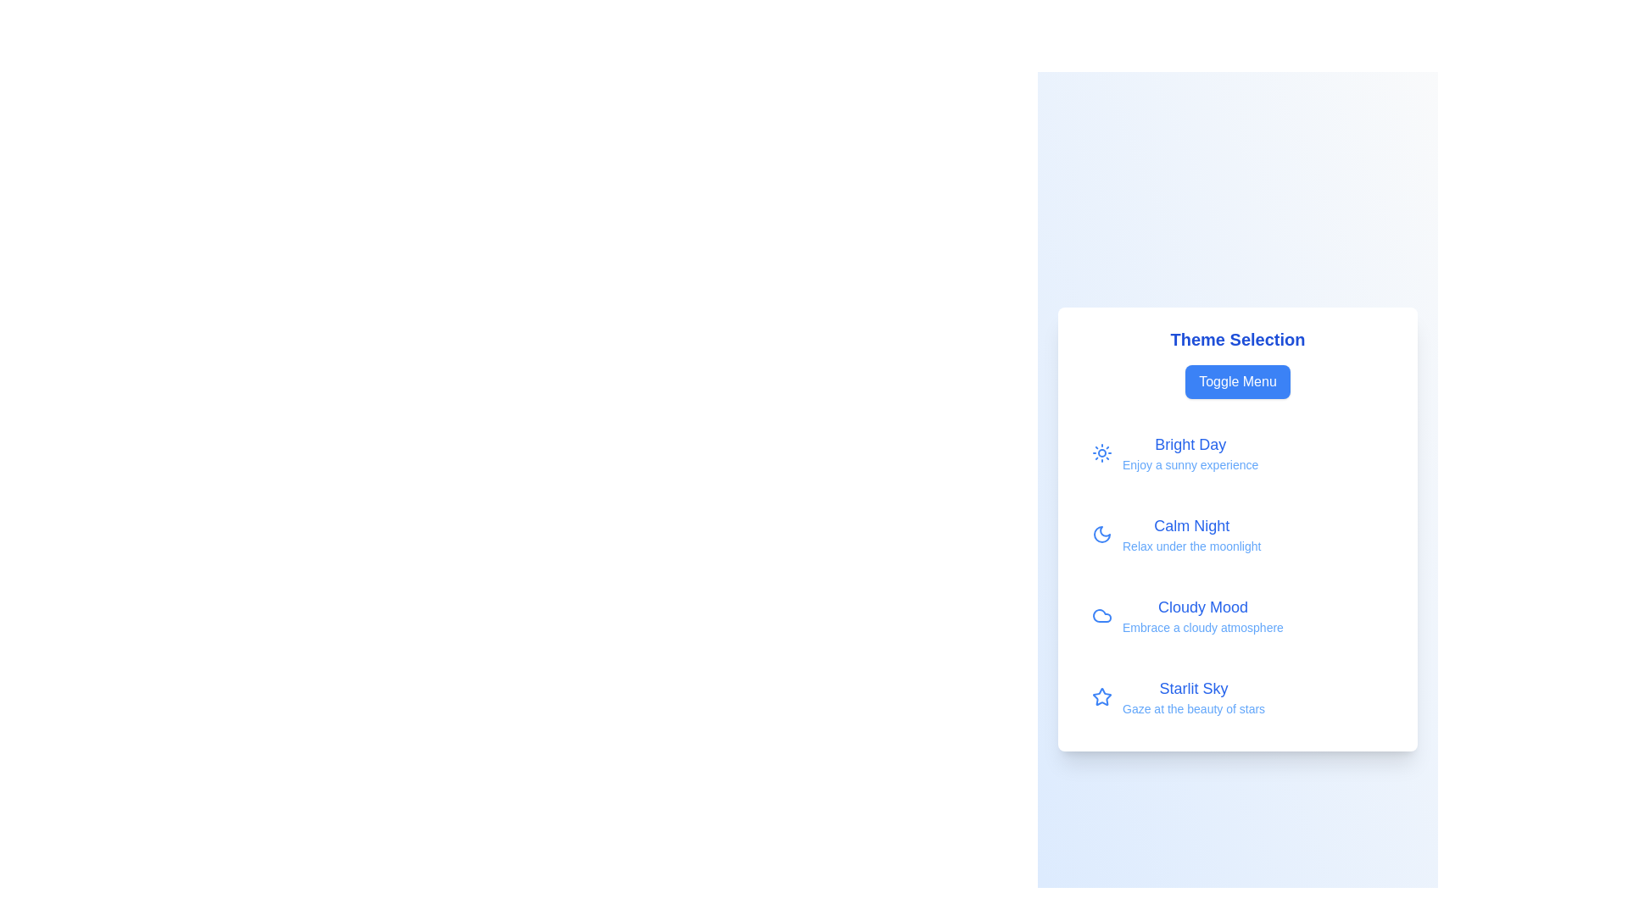  I want to click on the theme Cloudy Mood from the menu, so click(1237, 615).